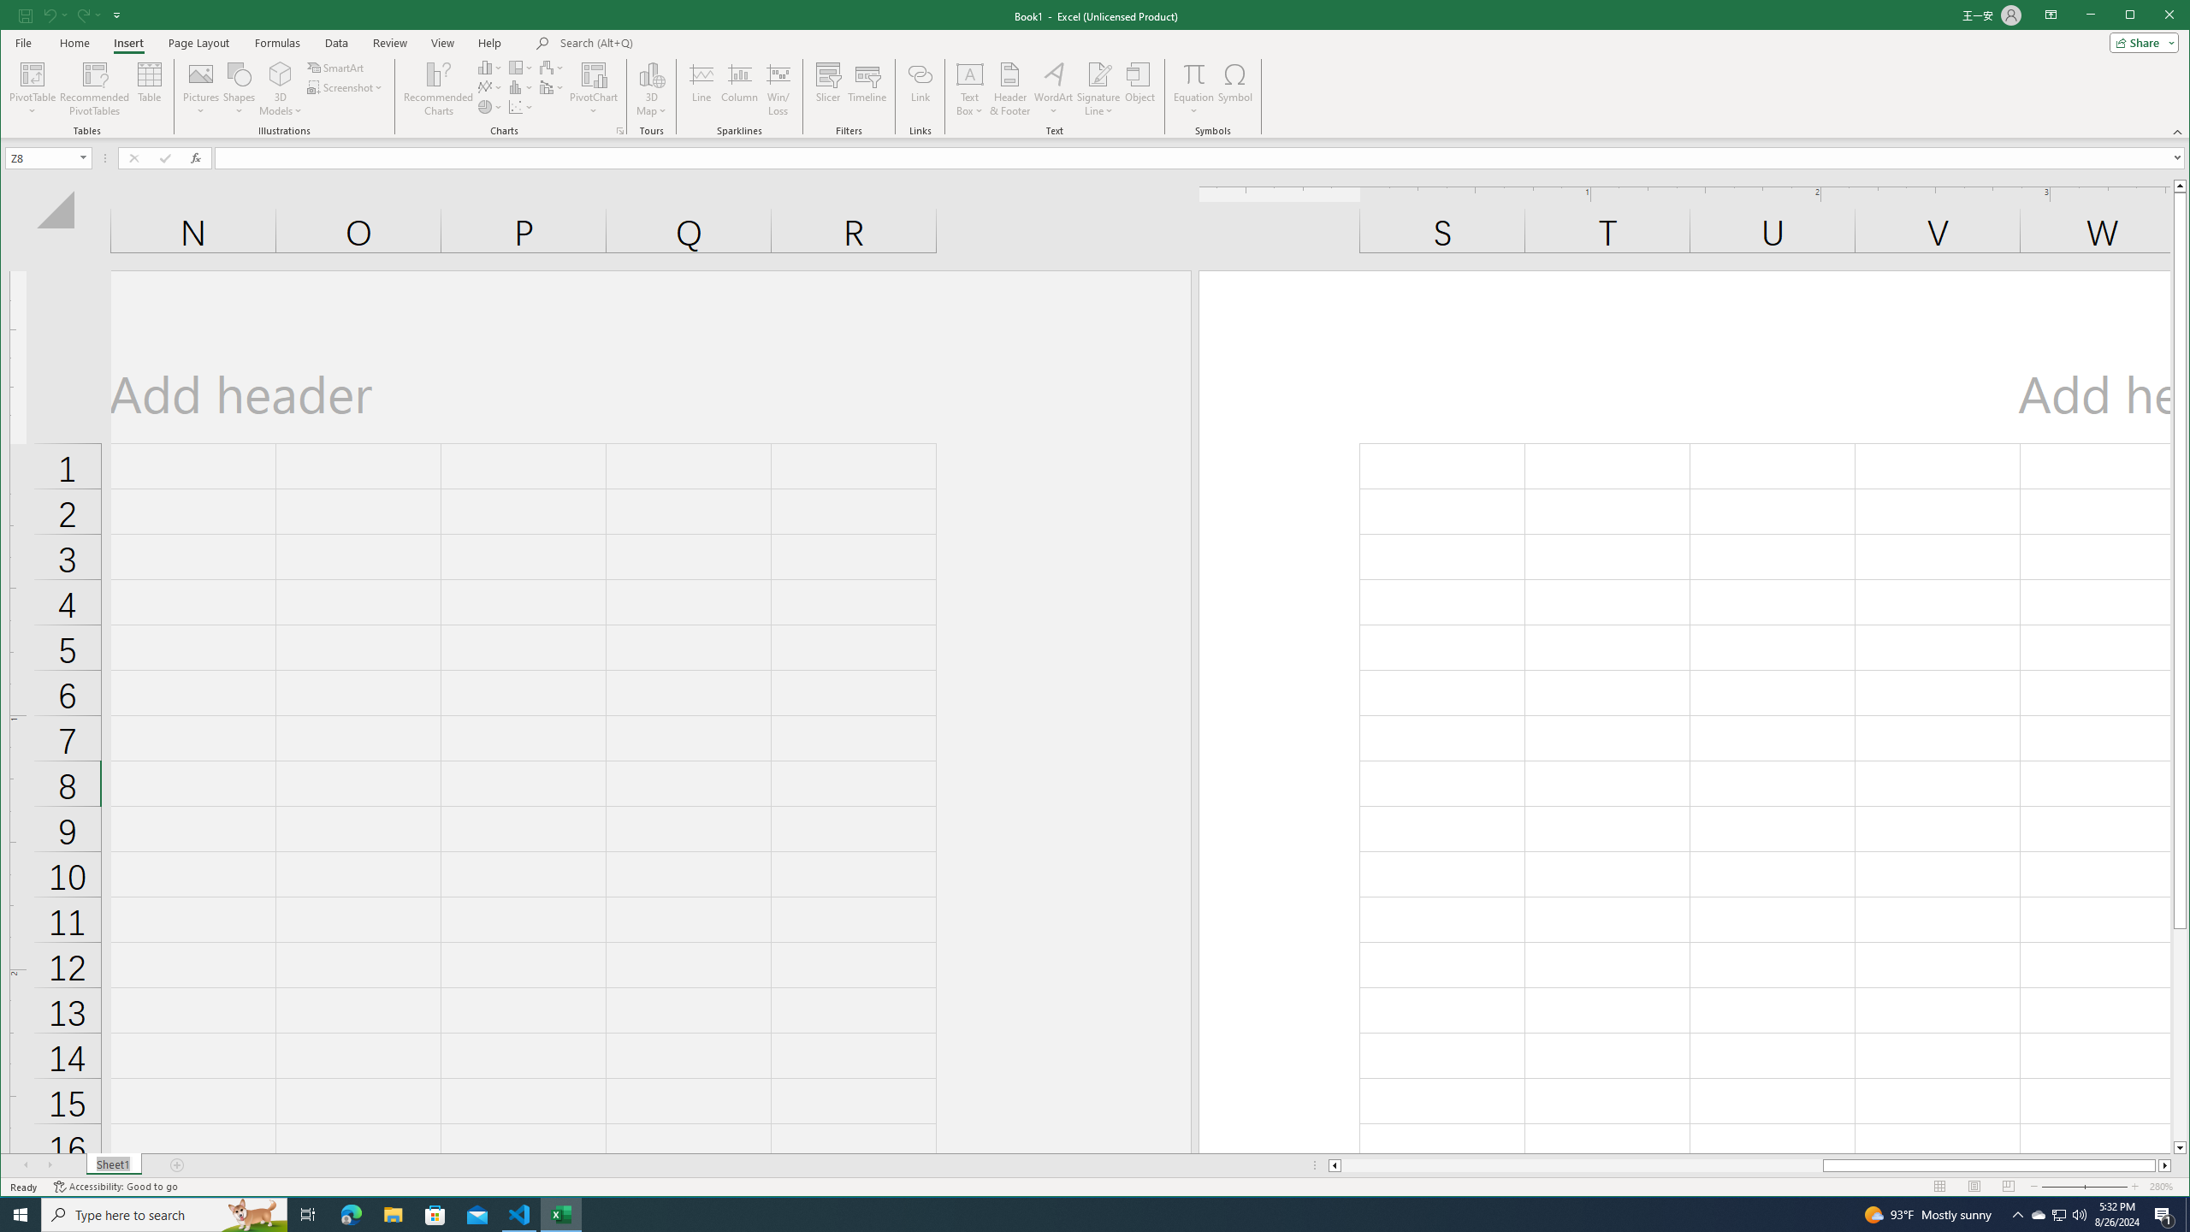 This screenshot has height=1232, width=2190. Describe the element at coordinates (520, 67) in the screenshot. I see `'Insert Hierarchy Chart'` at that location.